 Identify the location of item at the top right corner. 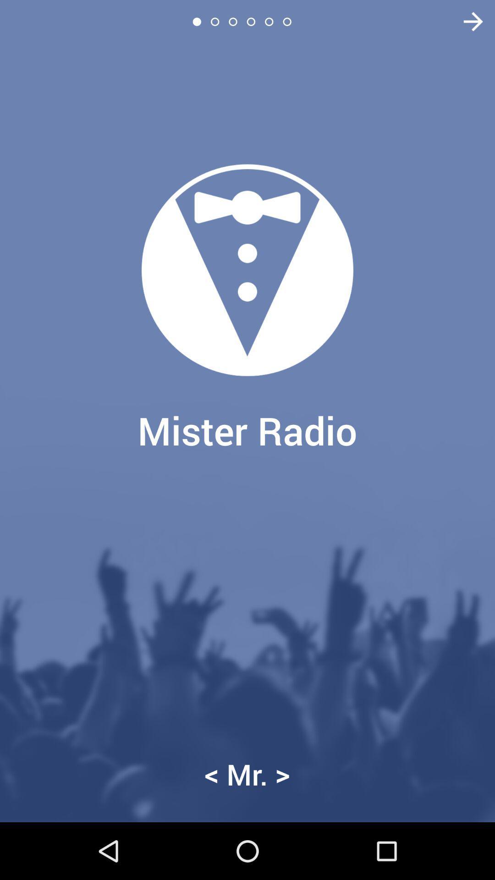
(467, 22).